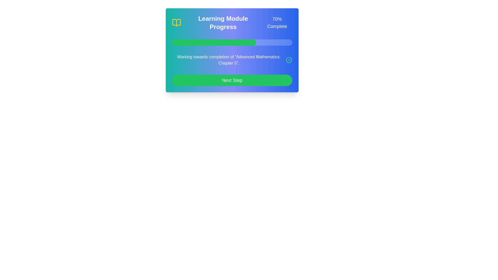 This screenshot has height=280, width=498. Describe the element at coordinates (217, 23) in the screenshot. I see `the Header label displaying 'Learning Module Progress' with a yellow book icon on its left` at that location.